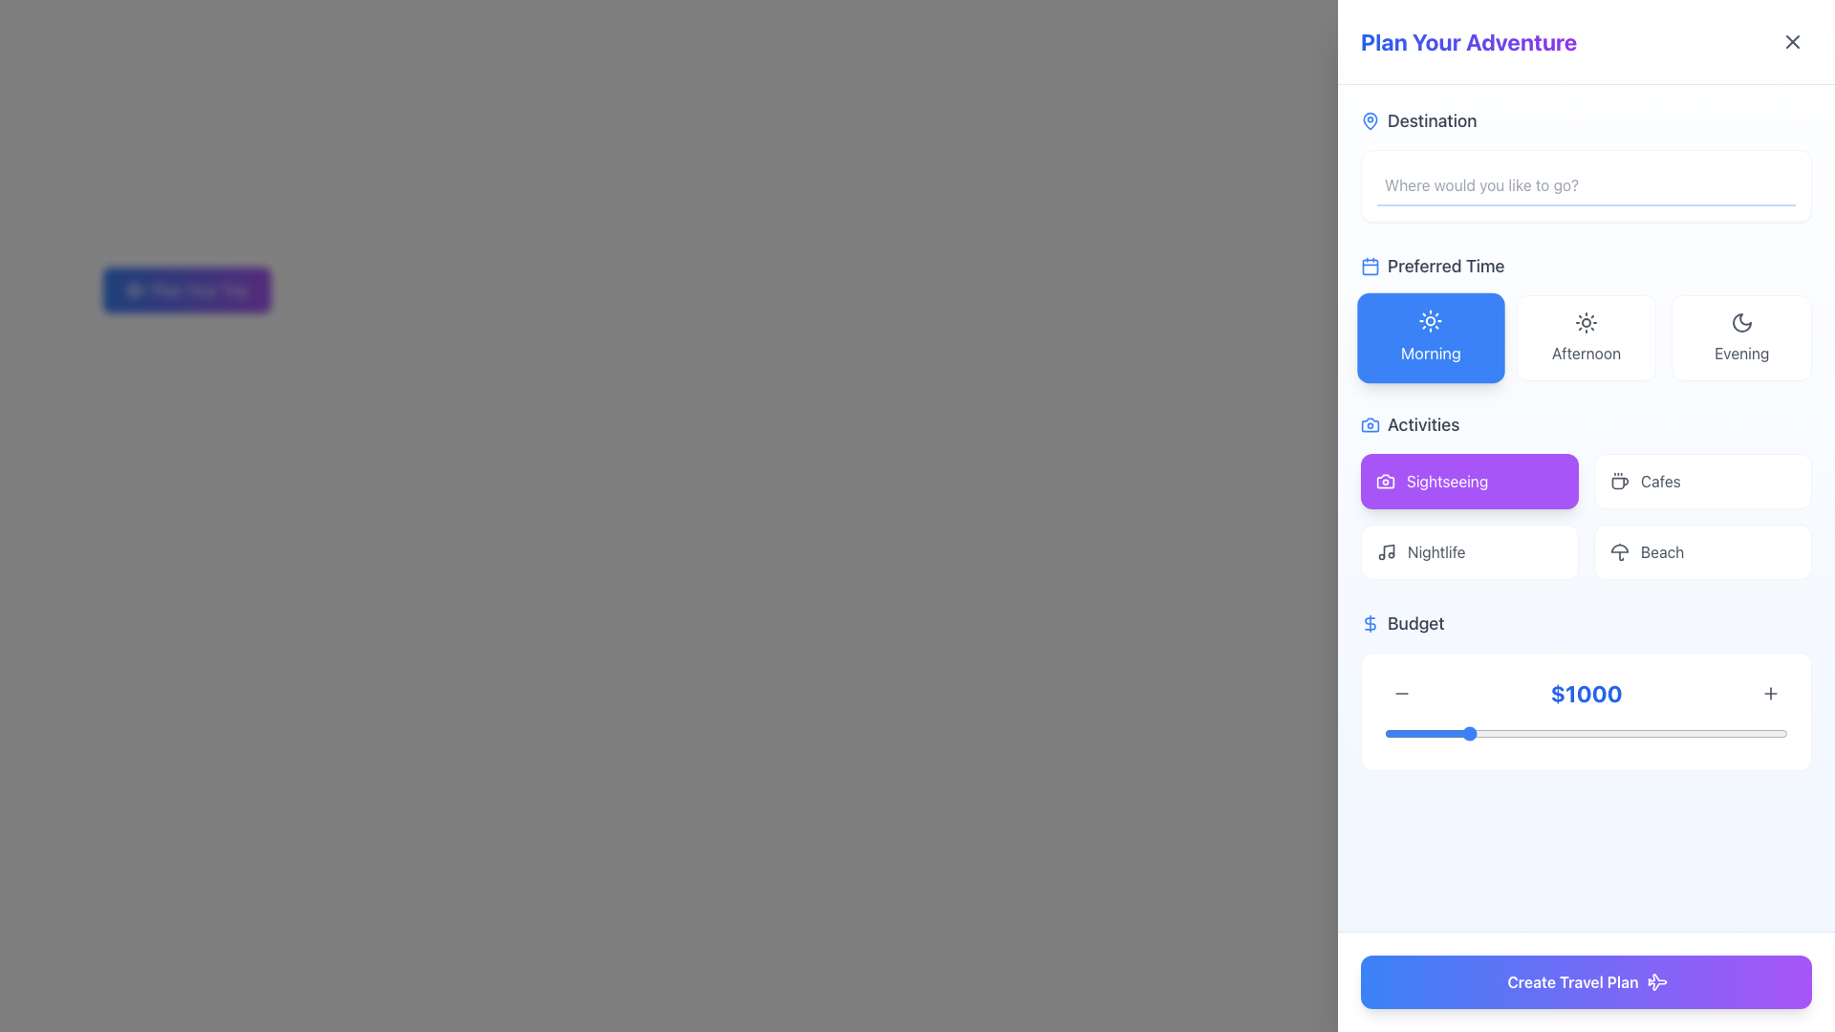 The height and width of the screenshot is (1032, 1835). Describe the element at coordinates (1468, 481) in the screenshot. I see `the 'Sightseeing' button, which has a vibrant purple background and white text` at that location.